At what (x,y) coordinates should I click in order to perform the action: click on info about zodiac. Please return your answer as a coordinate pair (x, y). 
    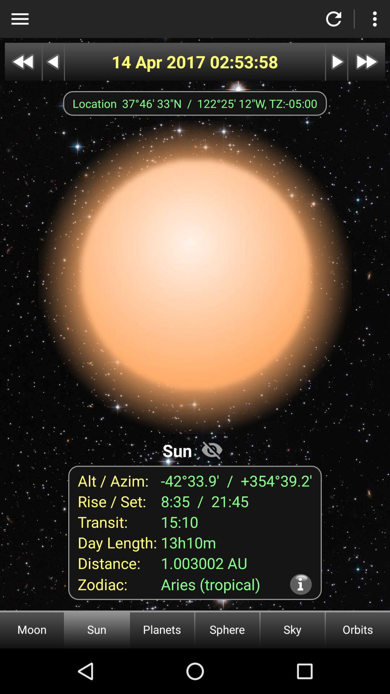
    Looking at the image, I should click on (301, 584).